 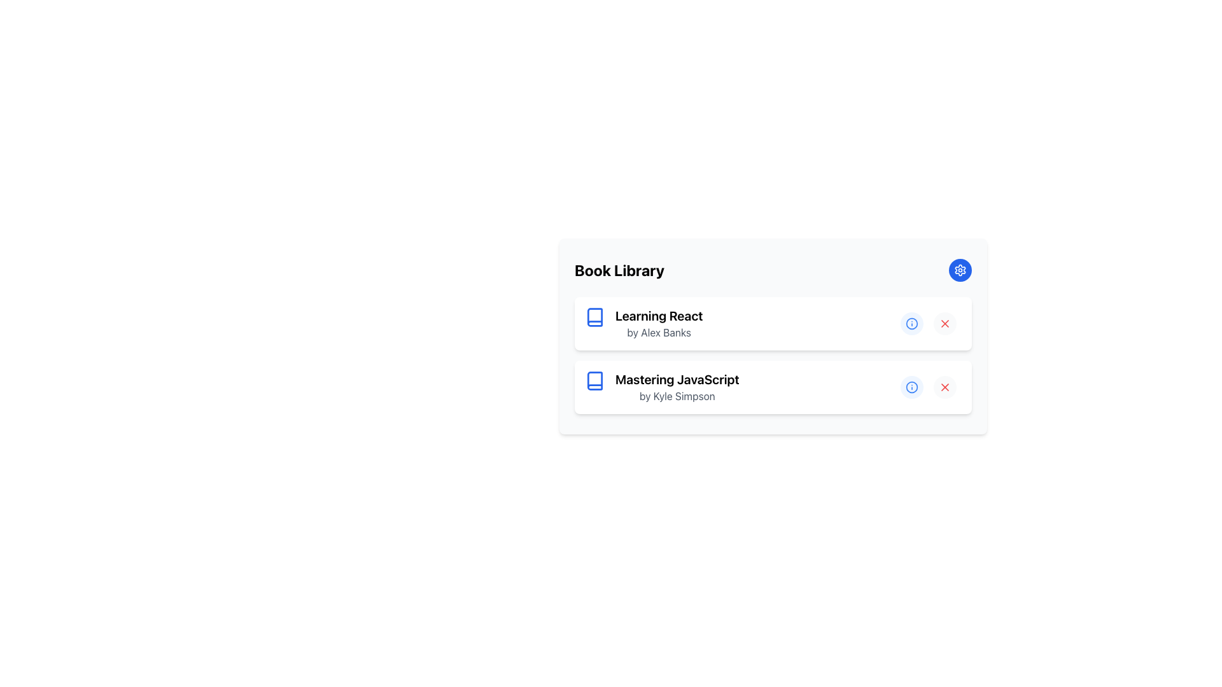 What do you see at coordinates (594, 316) in the screenshot?
I see `the book icon located in the first item of the 'Book Library' list, which indicates the book 'Learning React by Alex Banks'` at bounding box center [594, 316].